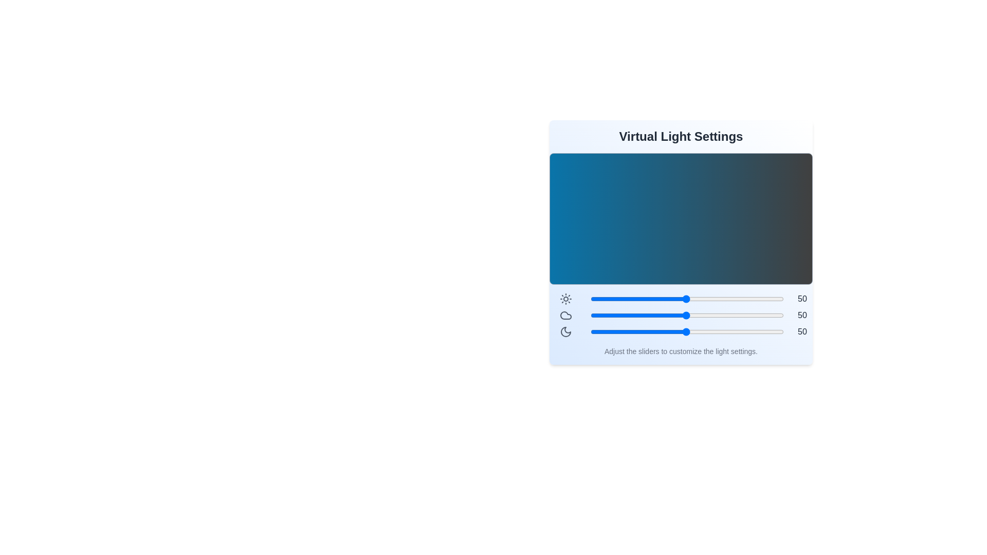 This screenshot has width=987, height=555. I want to click on the contrast slider to 96%, so click(776, 299).